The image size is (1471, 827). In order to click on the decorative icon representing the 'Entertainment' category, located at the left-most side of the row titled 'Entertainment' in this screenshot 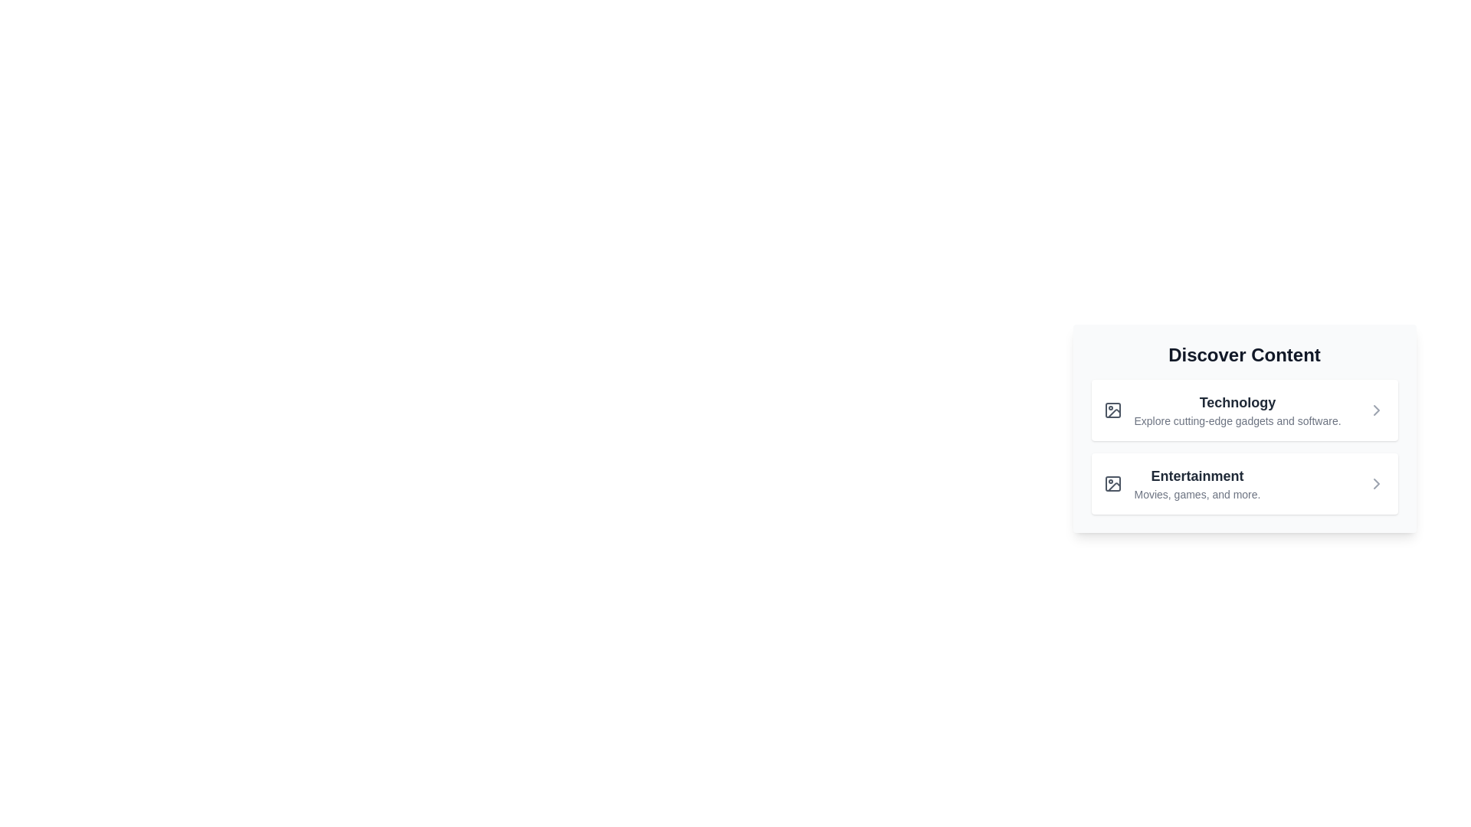, I will do `click(1112, 484)`.